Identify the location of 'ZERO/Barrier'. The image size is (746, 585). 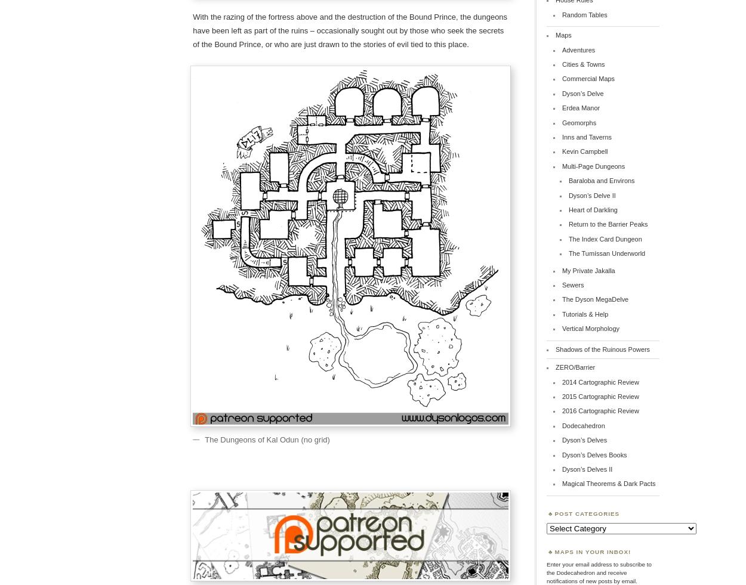
(575, 367).